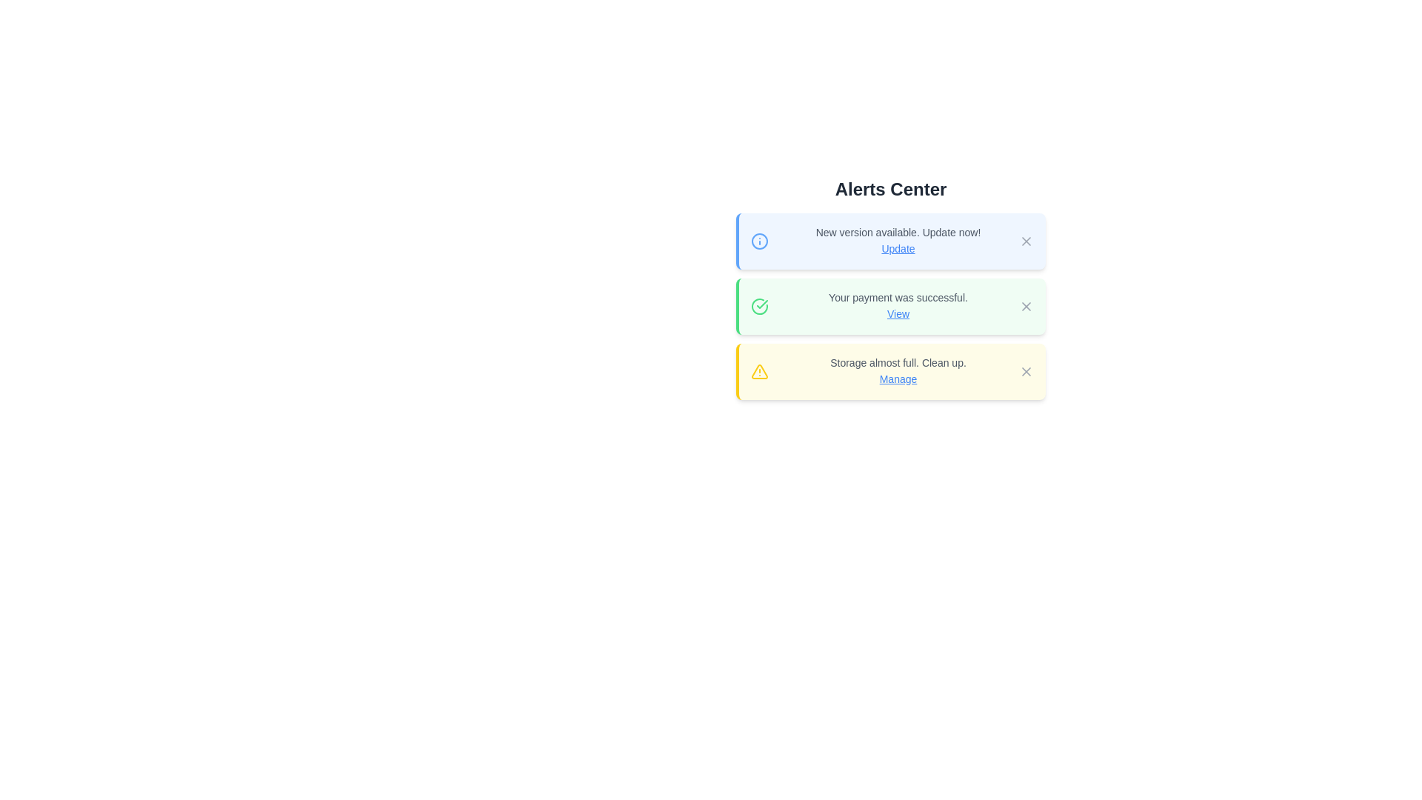  What do you see at coordinates (760, 241) in the screenshot?
I see `the graphical icon component with a blue outline, located in the top-left corner of the first alert box in the 'Alerts Center' interface` at bounding box center [760, 241].